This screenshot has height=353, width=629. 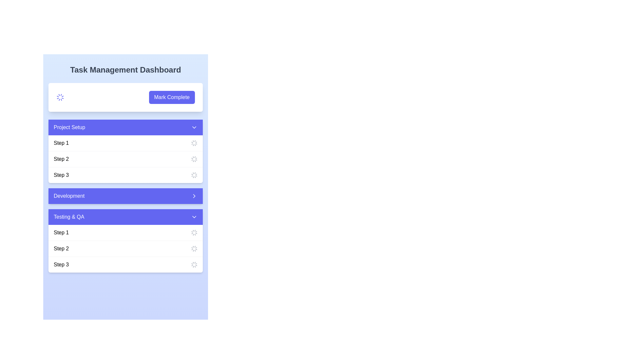 What do you see at coordinates (194, 217) in the screenshot?
I see `the Chevron Icon located on the far right of the 'Testing & QA' section header` at bounding box center [194, 217].